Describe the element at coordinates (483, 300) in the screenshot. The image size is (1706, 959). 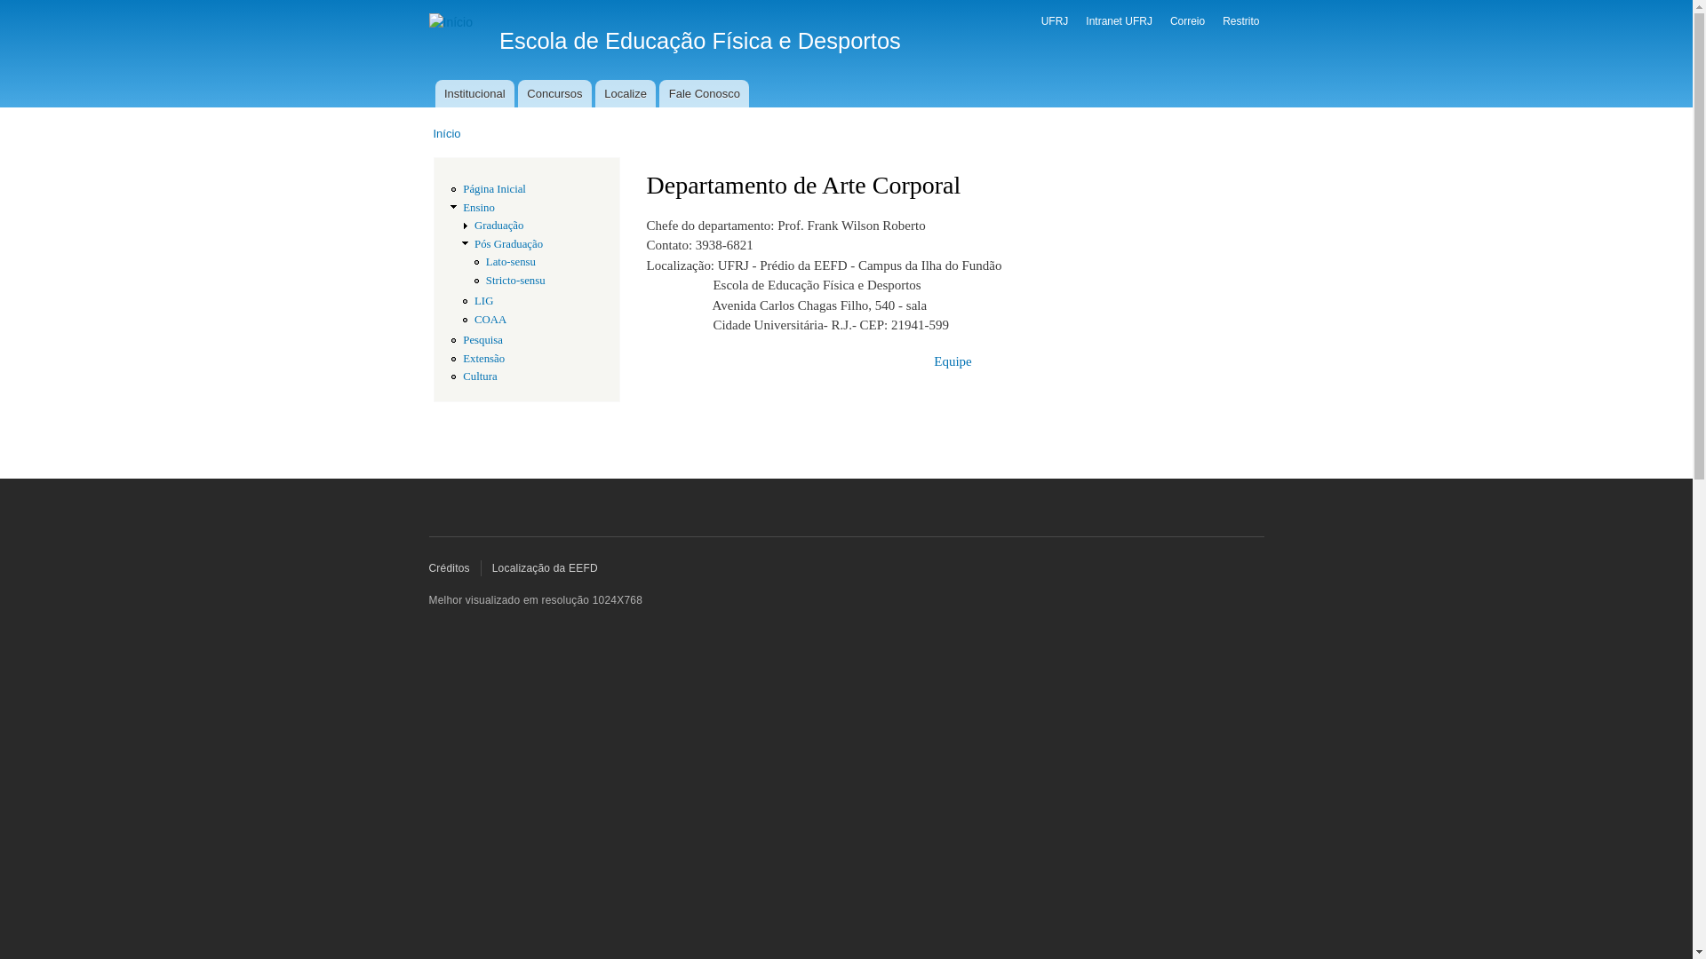
I see `'LIG'` at that location.